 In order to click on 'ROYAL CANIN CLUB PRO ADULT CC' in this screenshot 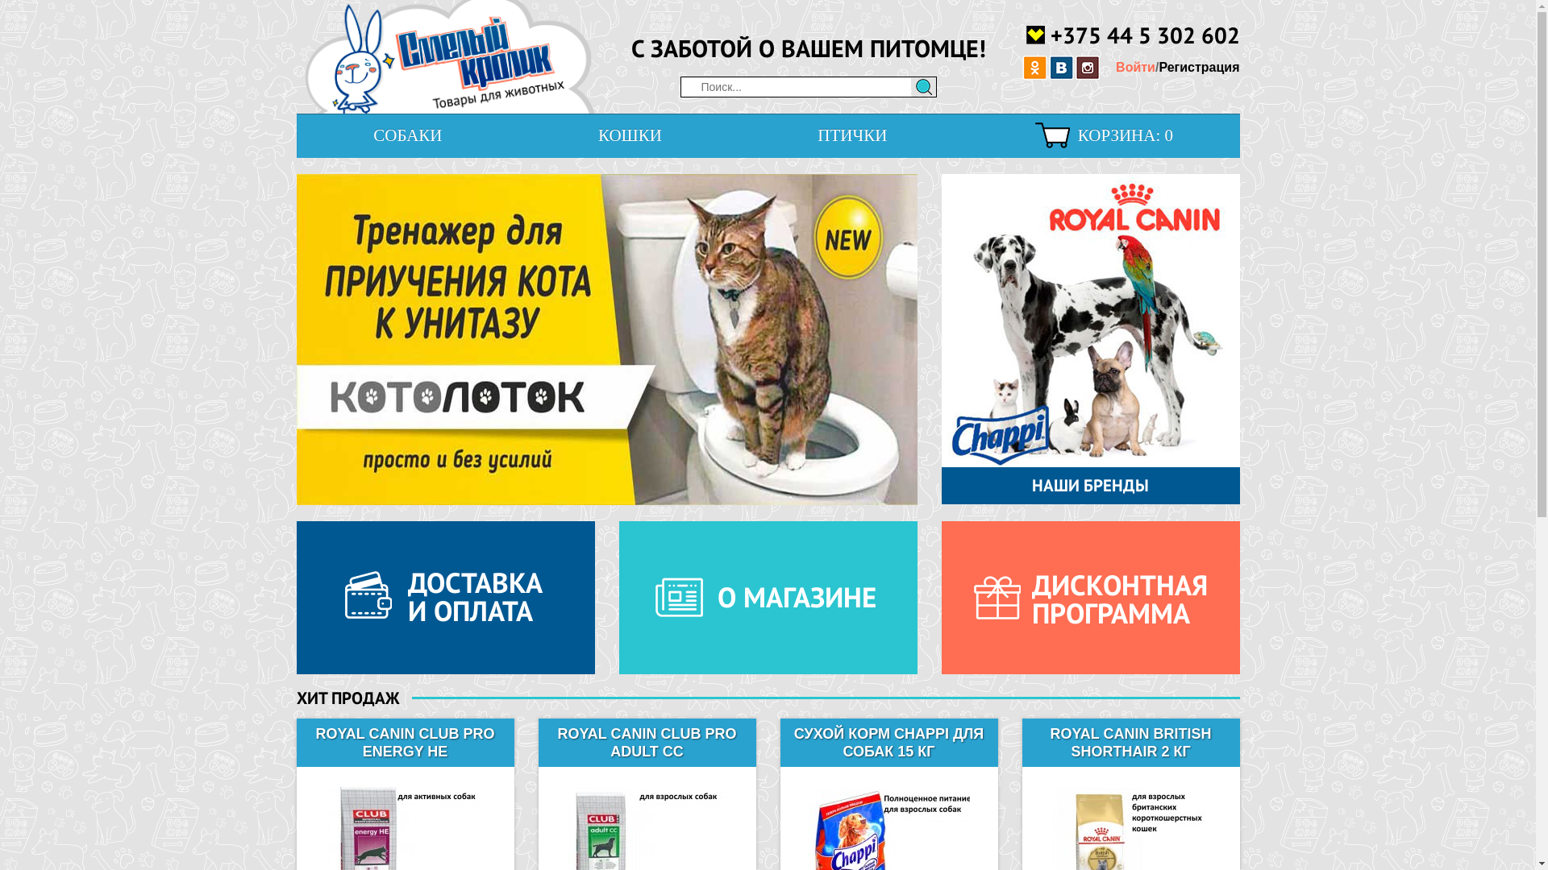, I will do `click(542, 742)`.